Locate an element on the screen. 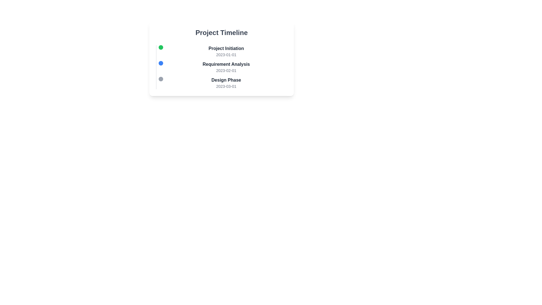 This screenshot has width=542, height=305. the bold text label element displaying 'Project Initiation' in dark gray, located in the timeline section above the date '2023-01-01' is located at coordinates (226, 48).